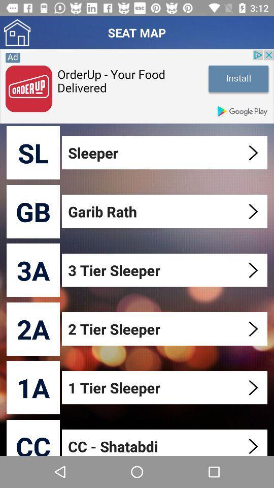 The image size is (274, 488). What do you see at coordinates (33, 269) in the screenshot?
I see `the item next to the 3 tier sleeper icon` at bounding box center [33, 269].